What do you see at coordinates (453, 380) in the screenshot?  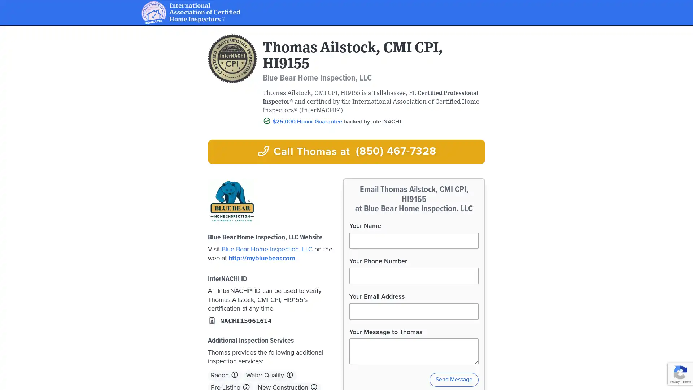 I see `Send Message` at bounding box center [453, 380].